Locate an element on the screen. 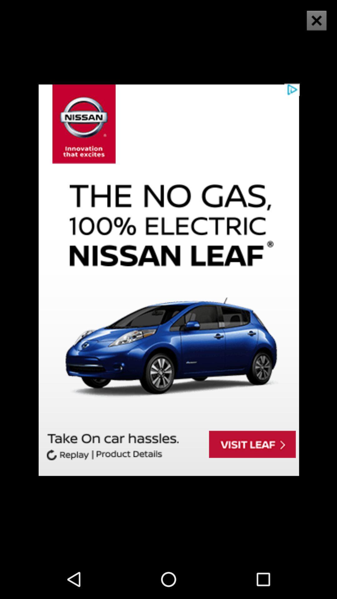  the close icon is located at coordinates (316, 22).